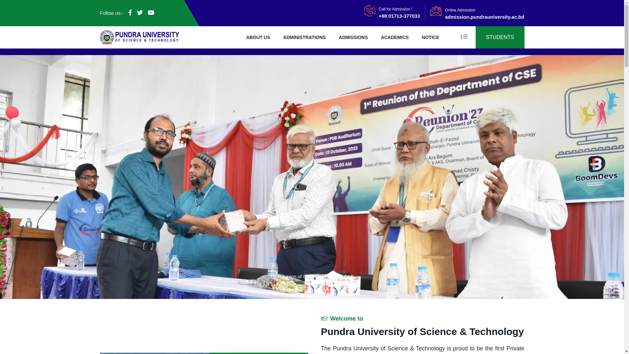 This screenshot has width=629, height=354. Describe the element at coordinates (467, 36) in the screenshot. I see `'  |'` at that location.